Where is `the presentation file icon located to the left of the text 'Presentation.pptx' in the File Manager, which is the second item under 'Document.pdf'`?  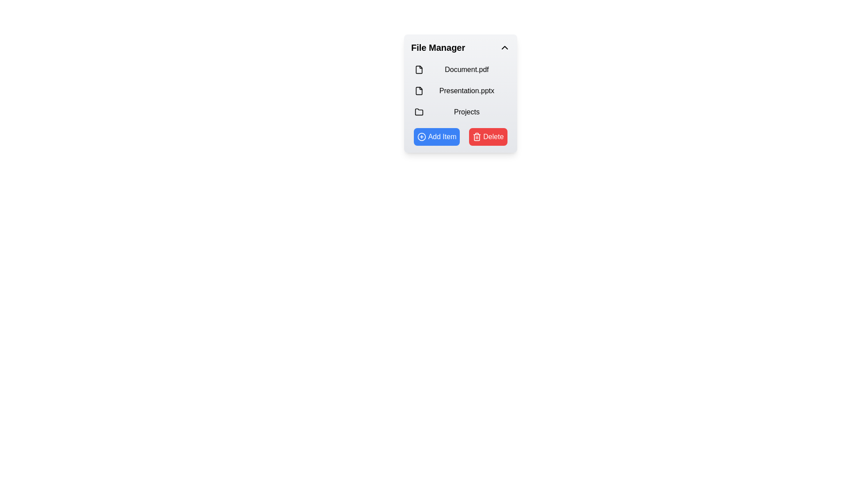
the presentation file icon located to the left of the text 'Presentation.pptx' in the File Manager, which is the second item under 'Document.pdf' is located at coordinates (419, 91).